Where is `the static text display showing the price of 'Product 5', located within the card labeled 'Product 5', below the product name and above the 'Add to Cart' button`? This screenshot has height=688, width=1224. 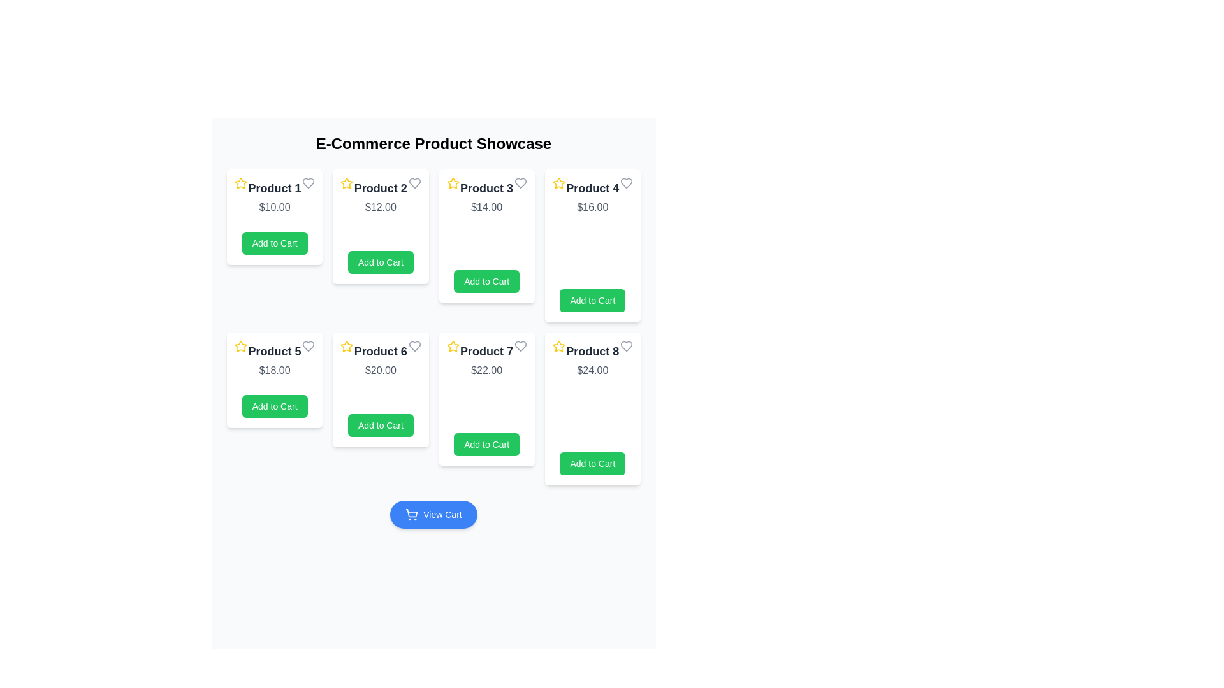
the static text display showing the price of 'Product 5', located within the card labeled 'Product 5', below the product name and above the 'Add to Cart' button is located at coordinates (274, 371).